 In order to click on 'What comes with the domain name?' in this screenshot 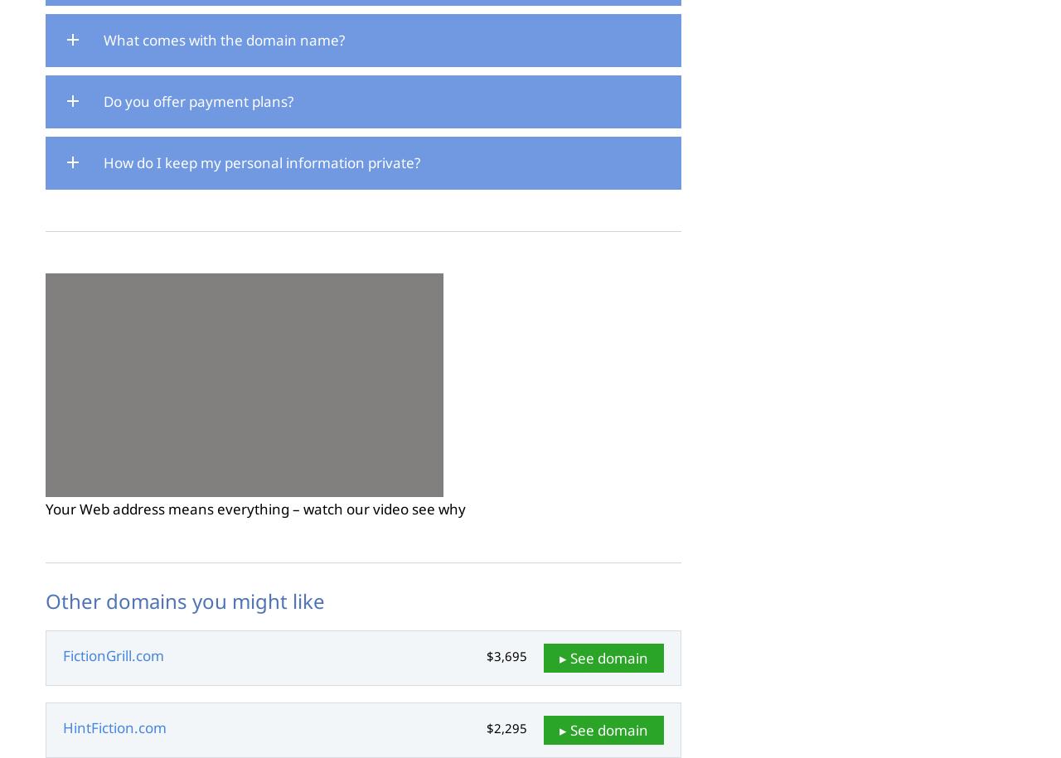, I will do `click(103, 40)`.